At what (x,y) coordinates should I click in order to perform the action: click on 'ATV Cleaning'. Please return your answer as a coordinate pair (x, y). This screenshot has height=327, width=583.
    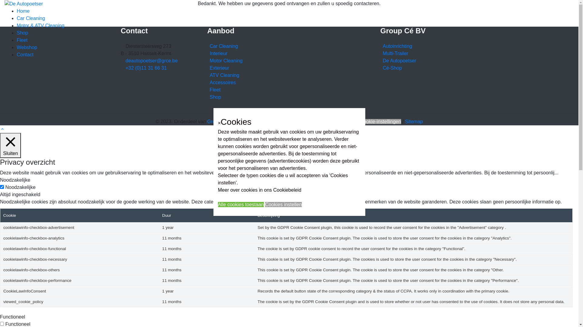
    Looking at the image, I should click on (223, 75).